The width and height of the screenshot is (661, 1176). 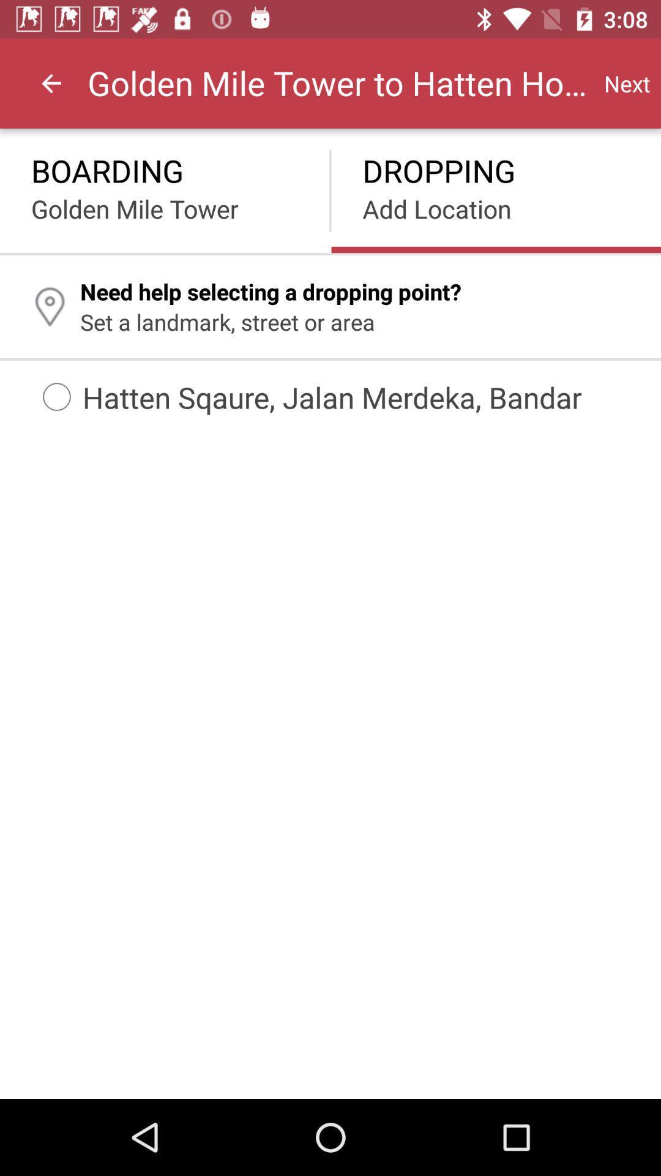 I want to click on previous, so click(x=51, y=83).